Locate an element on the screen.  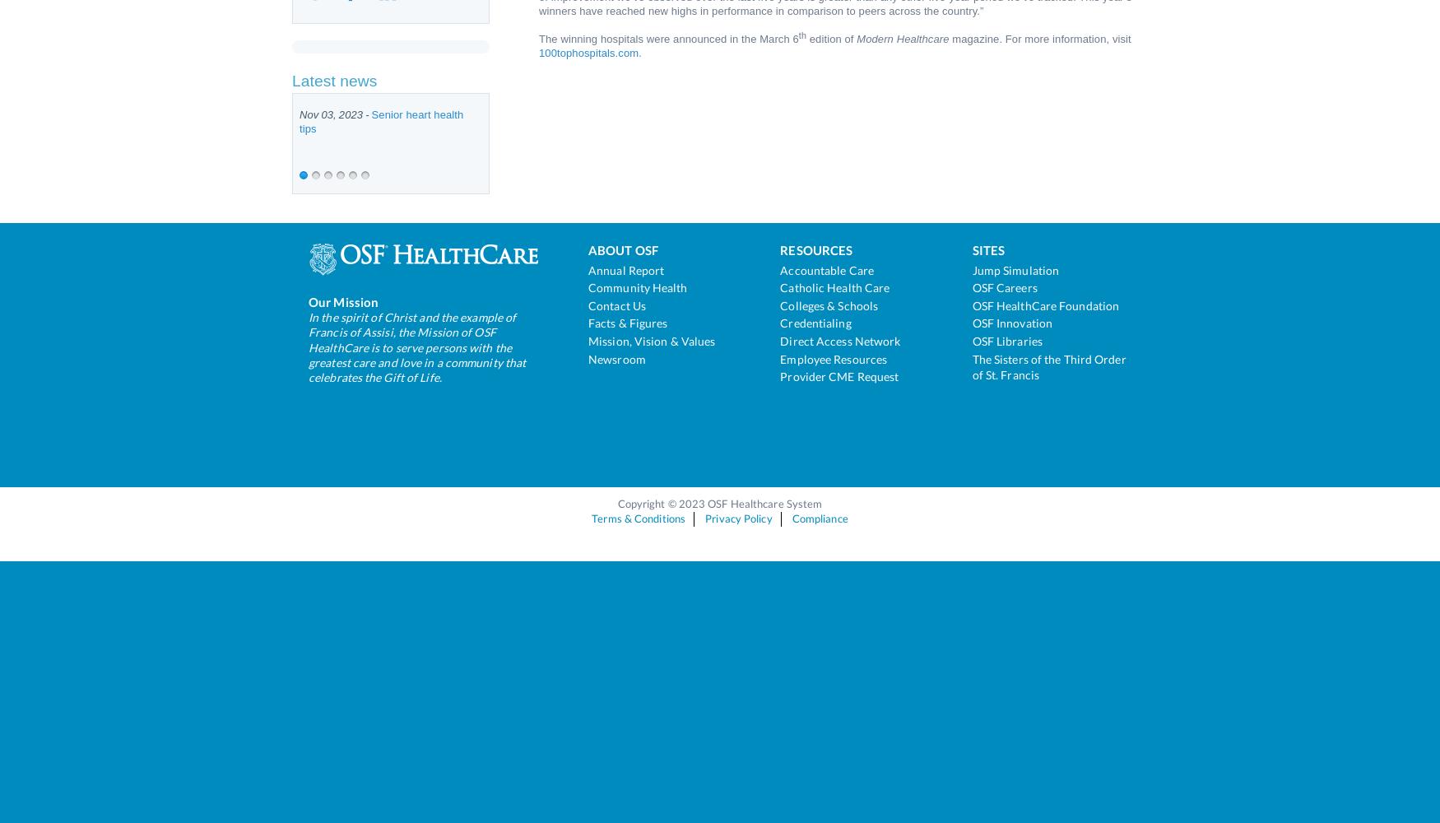
'Resources' is located at coordinates (779, 250).